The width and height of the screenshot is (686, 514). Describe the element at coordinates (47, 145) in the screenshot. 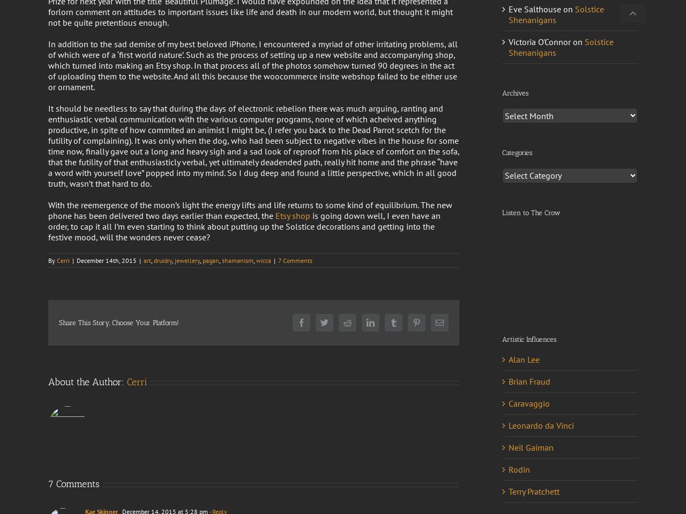

I see `'It should be needless to say that during the days of electronic rebelion there was much arguing, ranting and enthusiastic verbal communication with the various computer programs, none of which acheived anything productive, in spite of how commited an animist I might be, (I refer you back to the Dead Parrot scetch for the futility of complaining). It was only when the dog, who had been subject to negative vibes in the house for some time now, finally gave out a long and heavy sigh and a sad look of reproof from his place of comfort on the sofa, that the futility of that enthusiasticly verbal, yet ultimately deadended path, really hit home and the phrase “have a word with yourself love” popped into my mind. So I dug deep and found a little perspective, which in all good truth, wasn’t that hard to do.'` at that location.